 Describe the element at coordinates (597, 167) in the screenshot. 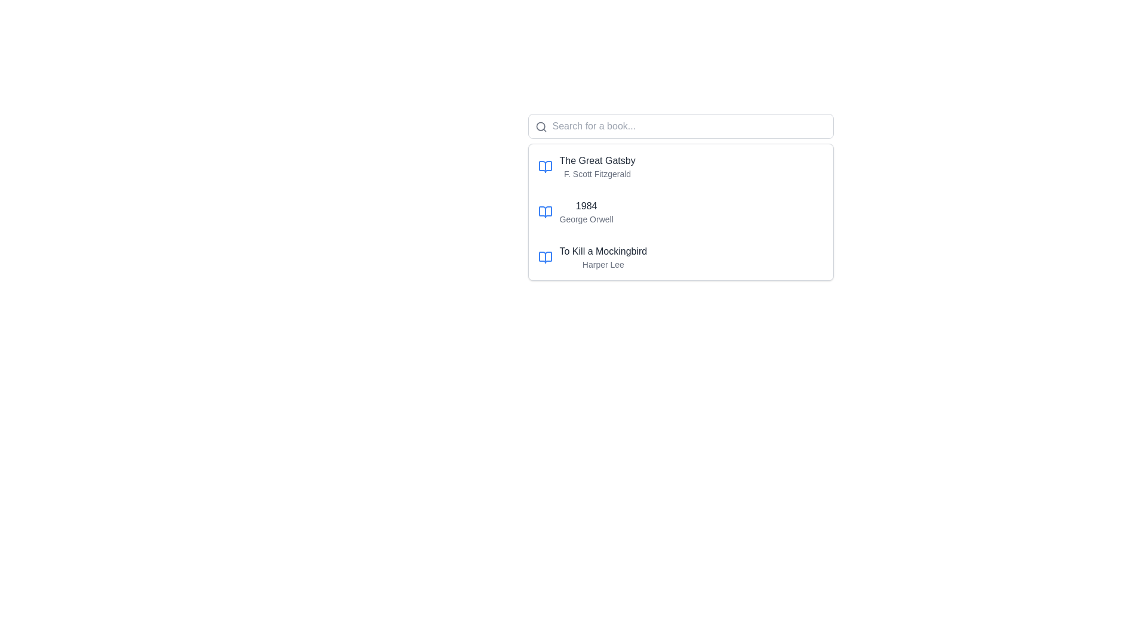

I see `the title and subtitle text element of the book 'The Great Gatsby' by F. Scott Fitzgerald` at that location.